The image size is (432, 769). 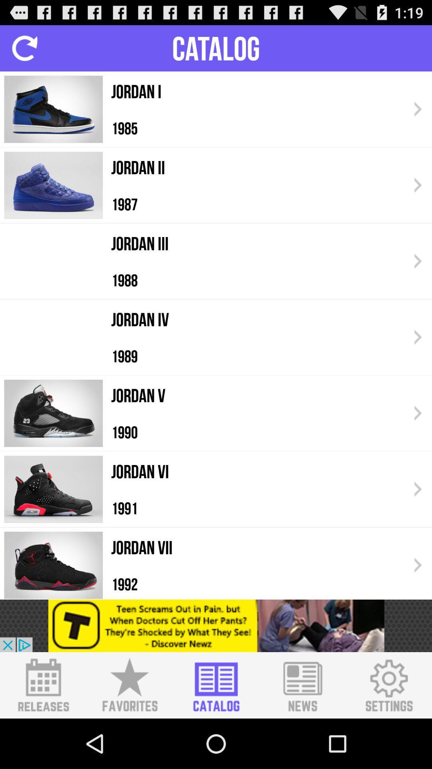 I want to click on news, so click(x=302, y=685).